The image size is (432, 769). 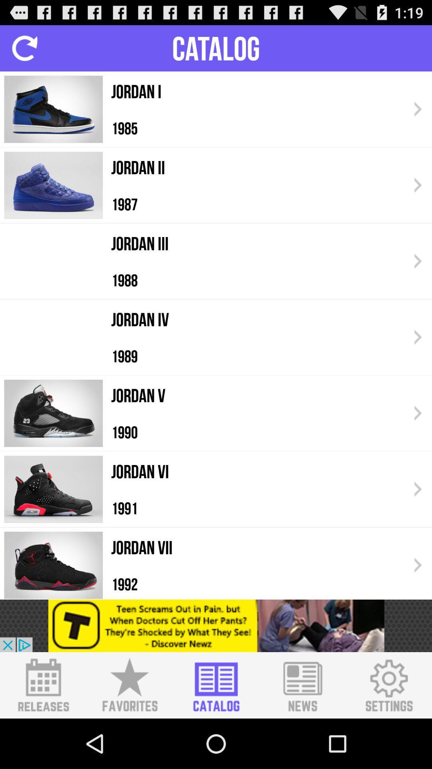 I want to click on news, so click(x=302, y=685).